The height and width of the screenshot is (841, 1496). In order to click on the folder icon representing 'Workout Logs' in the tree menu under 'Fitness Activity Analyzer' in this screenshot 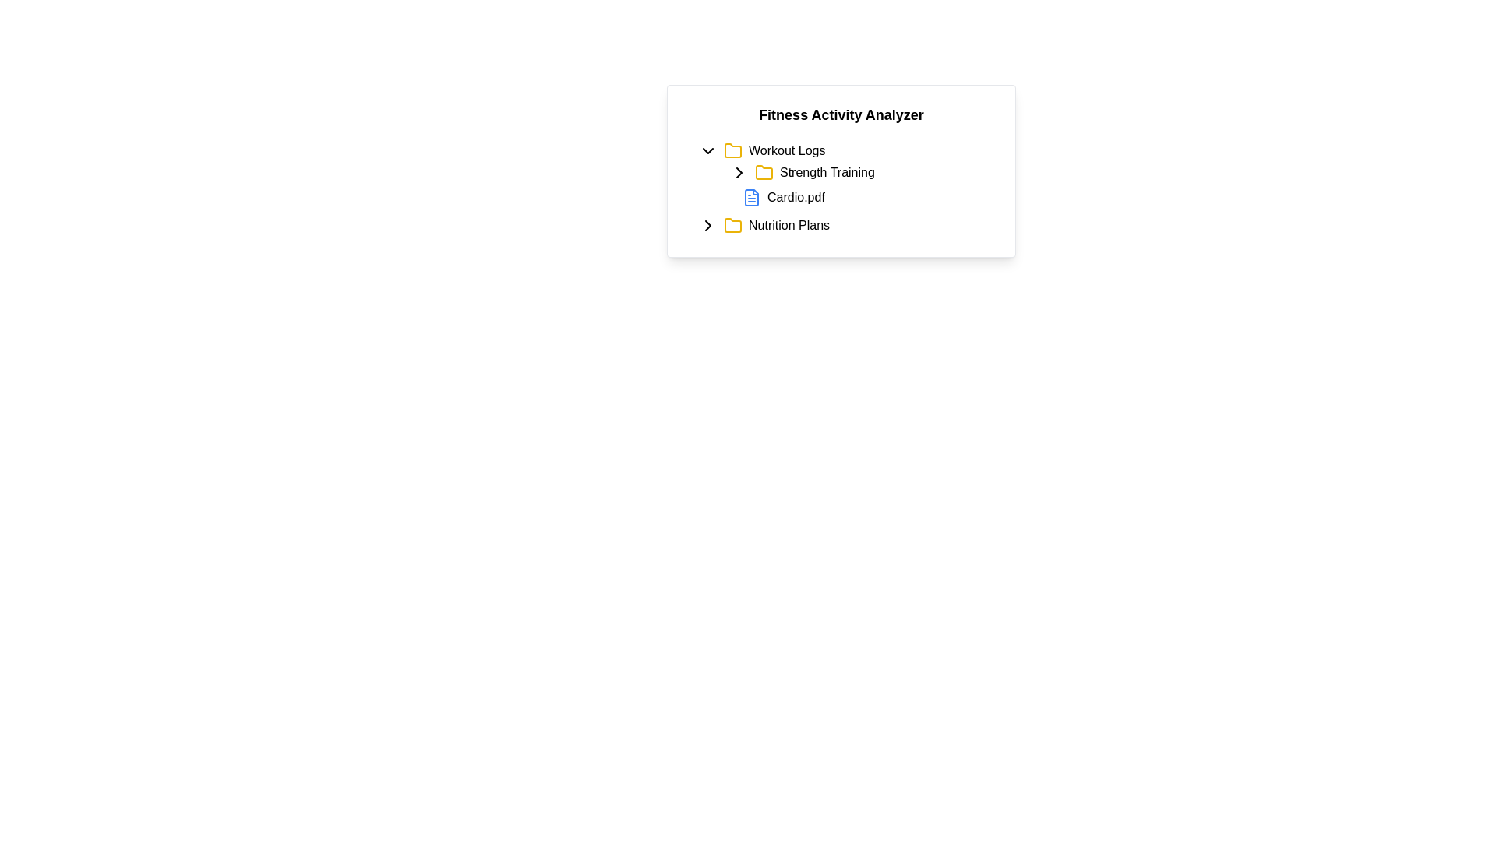, I will do `click(732, 150)`.